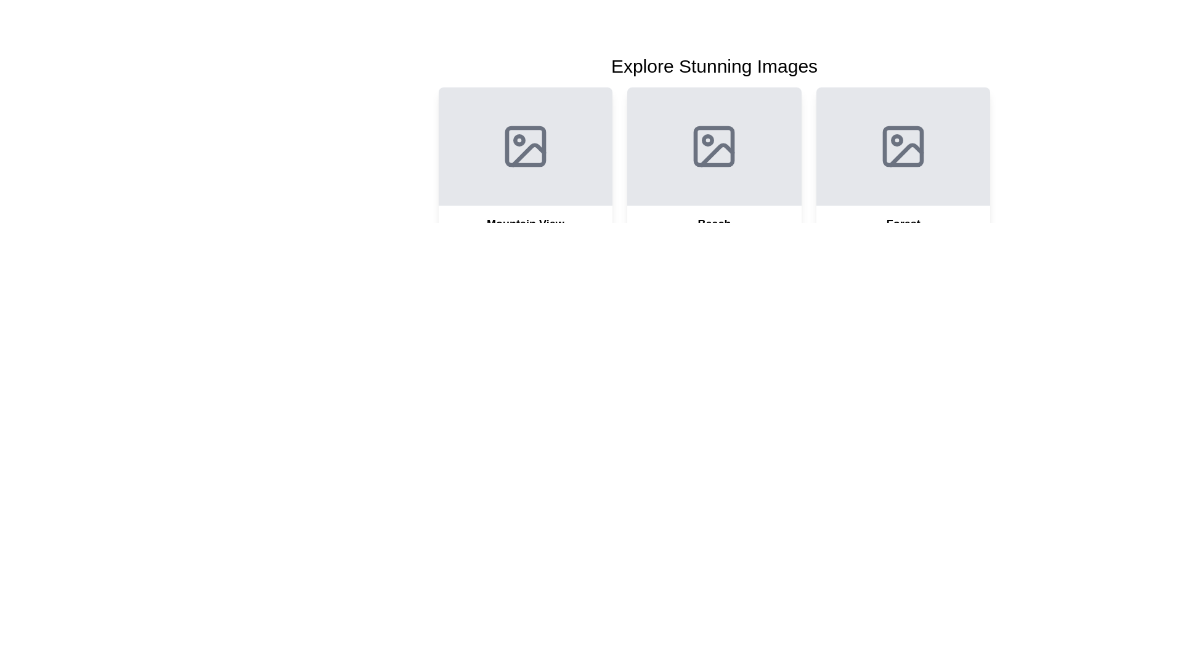  What do you see at coordinates (525, 146) in the screenshot?
I see `the 'Mountain View' icon, which is the first image placeholder among three icons in a gray-shaded square section` at bounding box center [525, 146].